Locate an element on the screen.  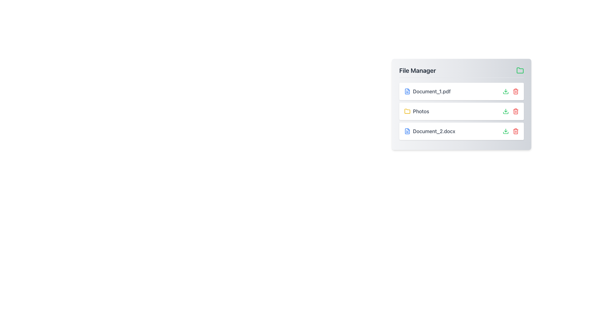
the text label 'Photos' that identifies the associated folder in the 'File Manager' interface is located at coordinates (421, 111).